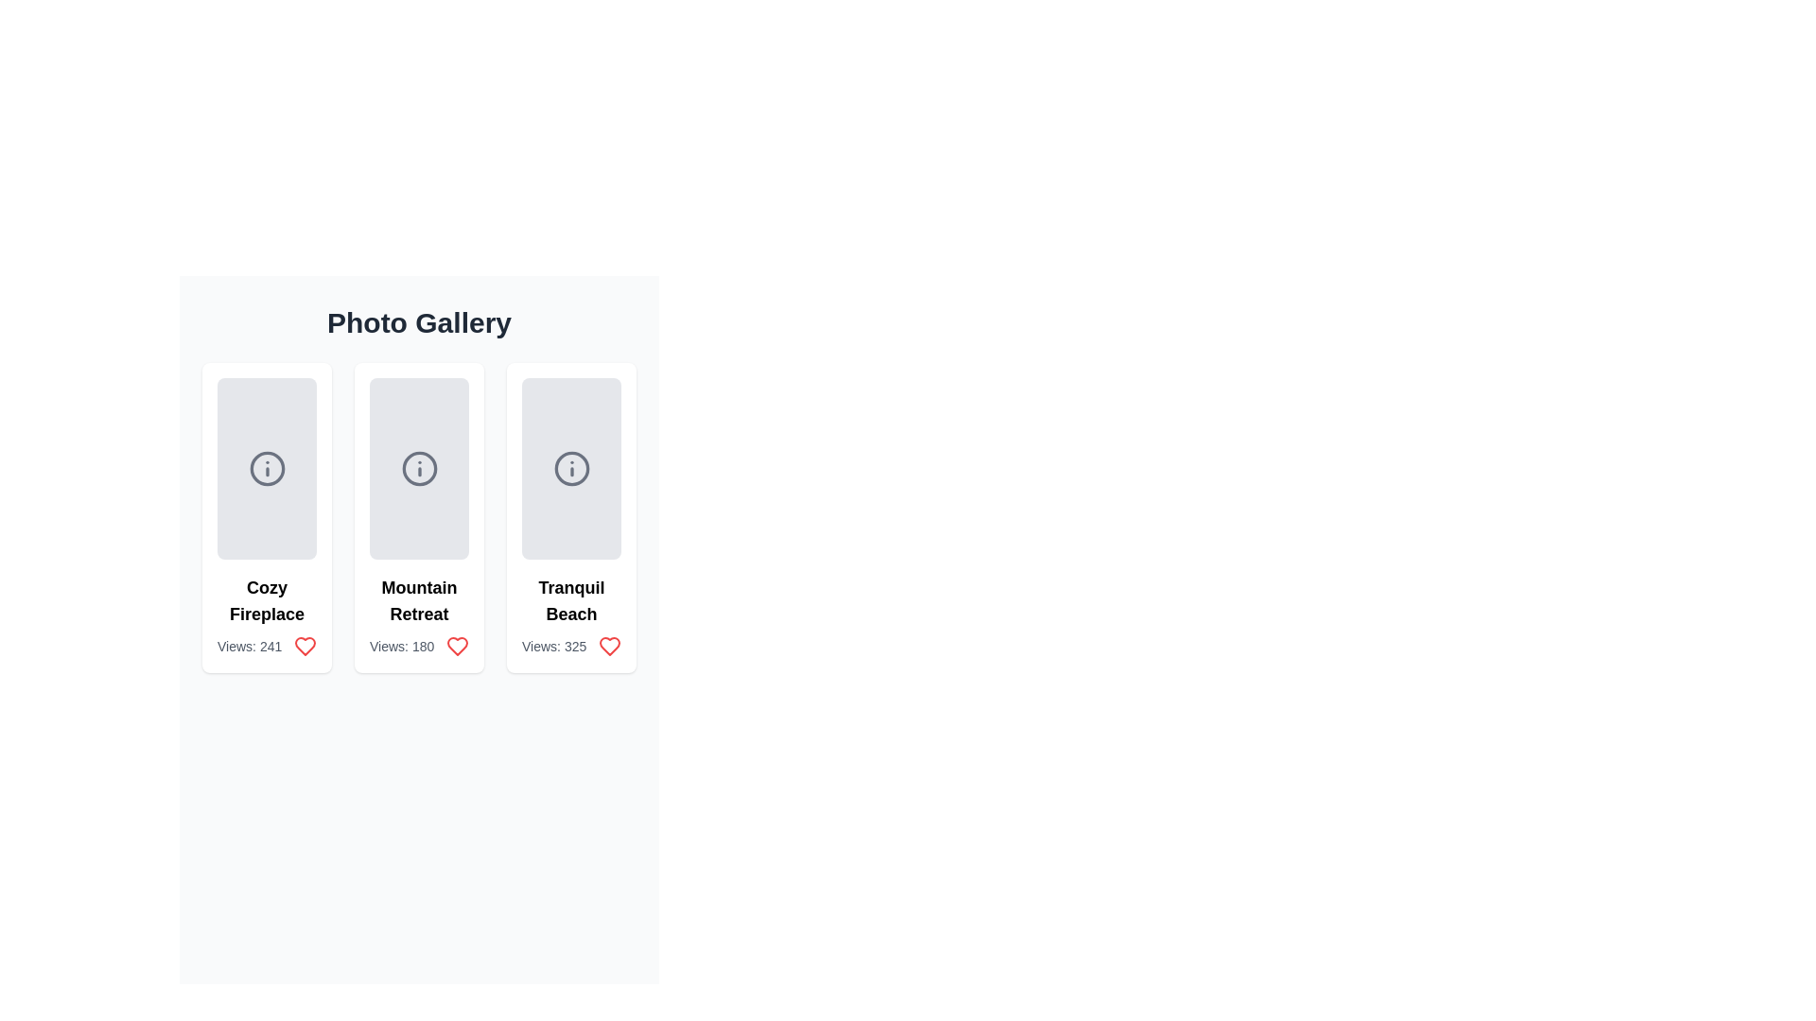 This screenshot has height=1021, width=1816. What do you see at coordinates (418, 468) in the screenshot?
I see `the decorative frame within the 'Mountain Retreat' card, which emphasizes the central content and is located above the text 'Mountain Retreat'` at bounding box center [418, 468].